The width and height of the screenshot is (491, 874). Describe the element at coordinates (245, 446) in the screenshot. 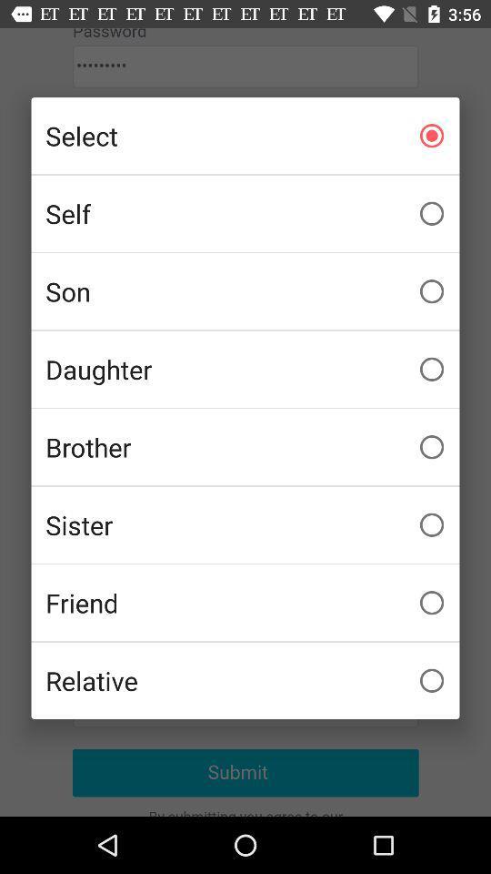

I see `the brother item` at that location.